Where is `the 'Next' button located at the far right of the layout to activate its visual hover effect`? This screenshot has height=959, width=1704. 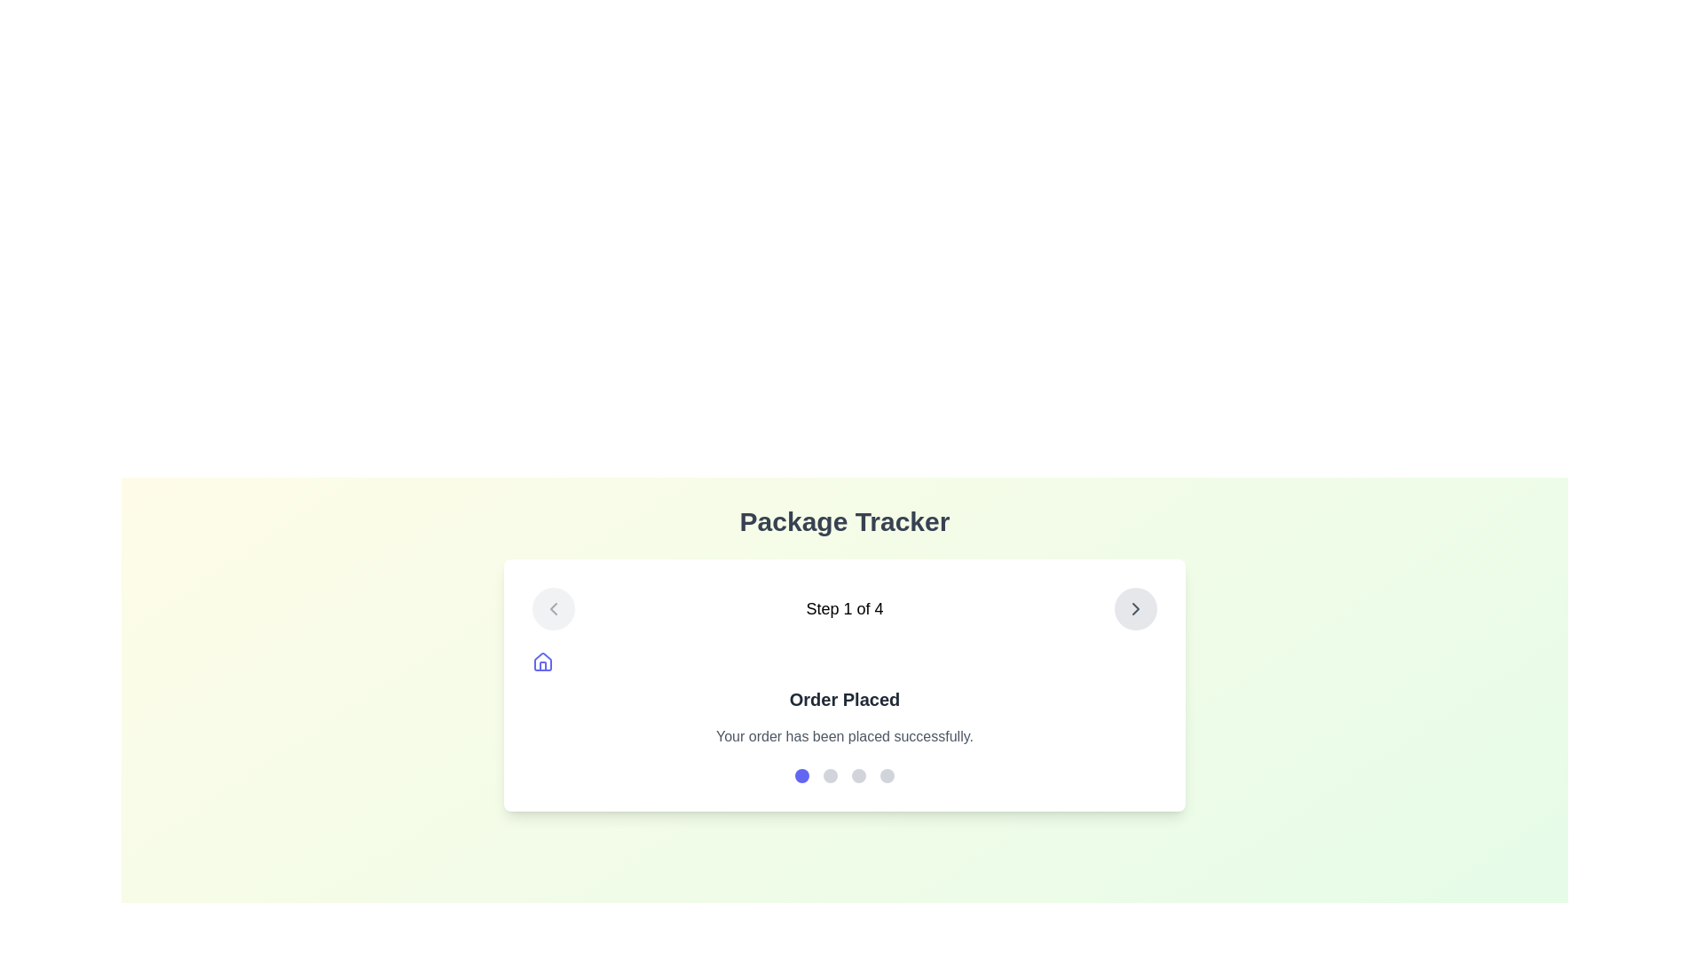 the 'Next' button located at the far right of the layout to activate its visual hover effect is located at coordinates (1136, 608).